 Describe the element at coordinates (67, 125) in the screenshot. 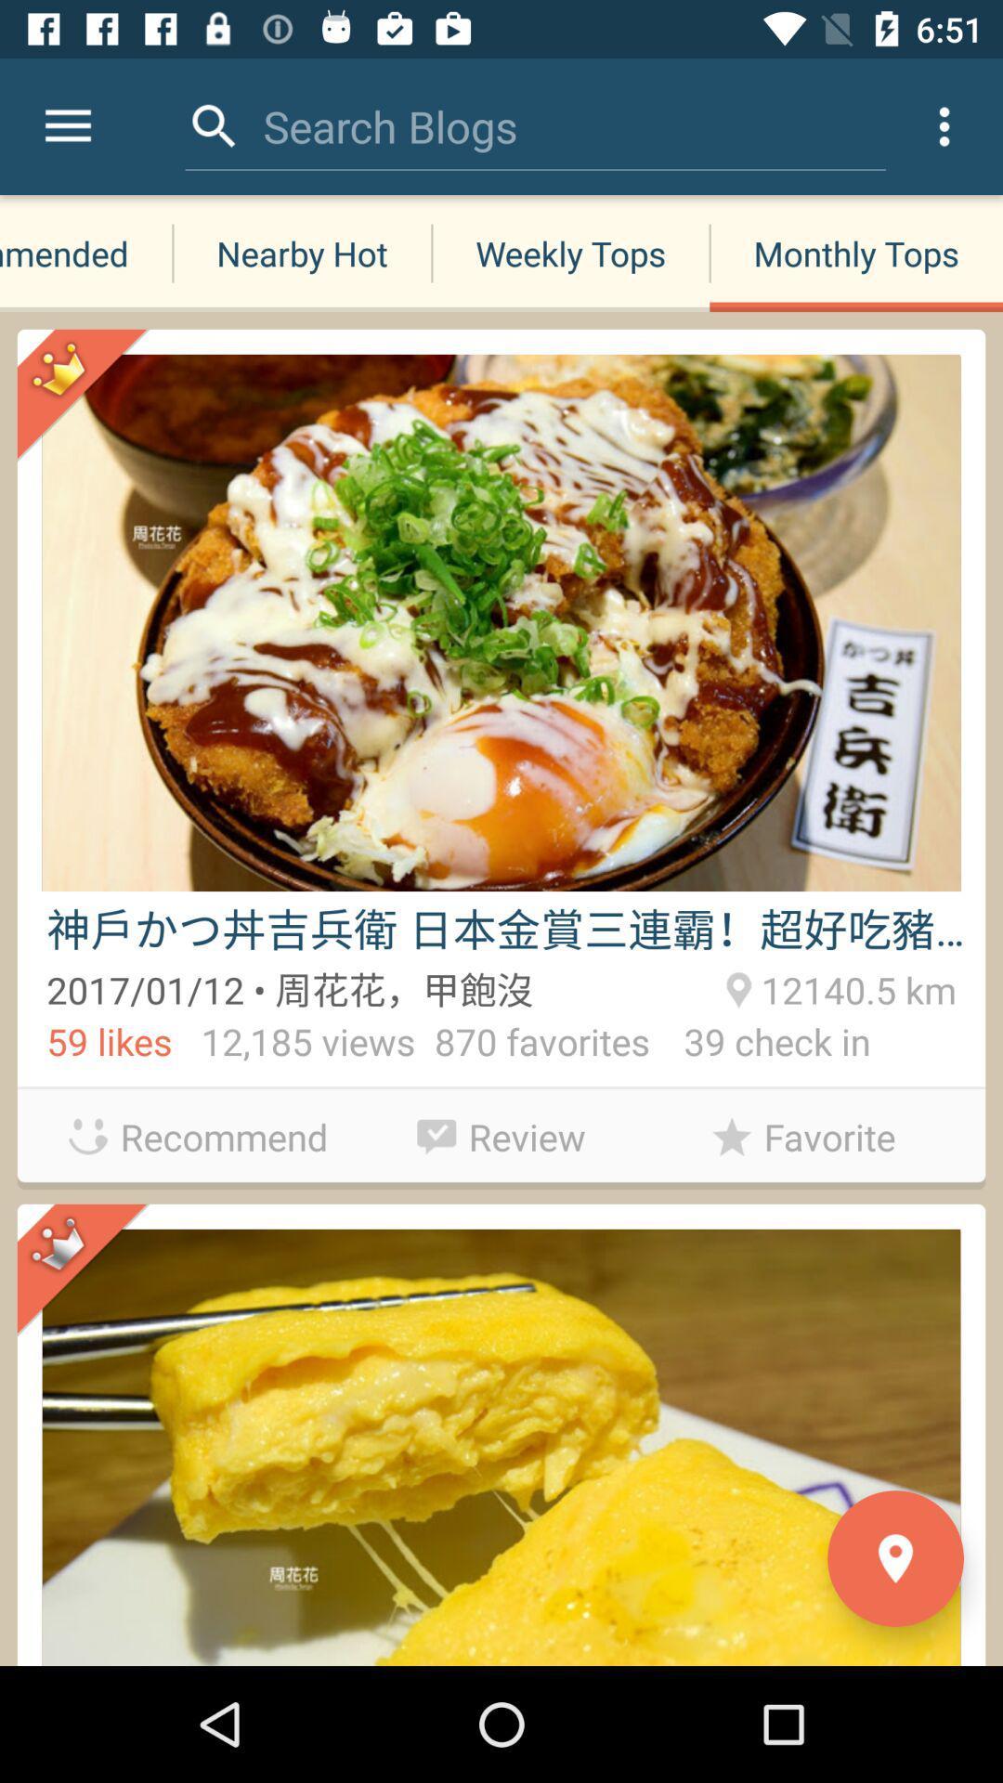

I see `item next to nearby hot icon` at that location.